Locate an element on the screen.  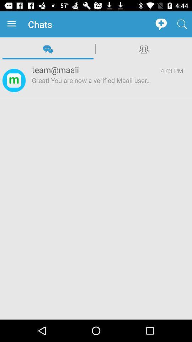
icon below team@maaii is located at coordinates (92, 87).